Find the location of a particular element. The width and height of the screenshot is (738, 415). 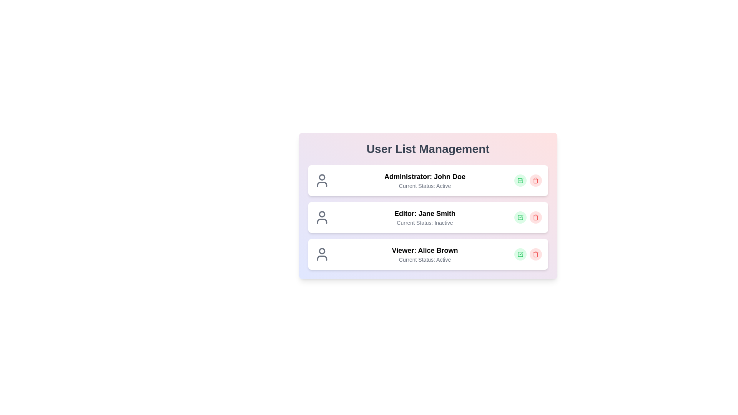

the SVG circle element that represents the user's presence in the user management interface, located in the second row of the vertical list is located at coordinates (322, 214).